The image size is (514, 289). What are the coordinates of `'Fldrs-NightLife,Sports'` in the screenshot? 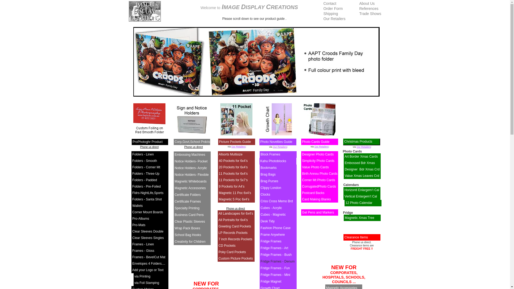 It's located at (148, 193).